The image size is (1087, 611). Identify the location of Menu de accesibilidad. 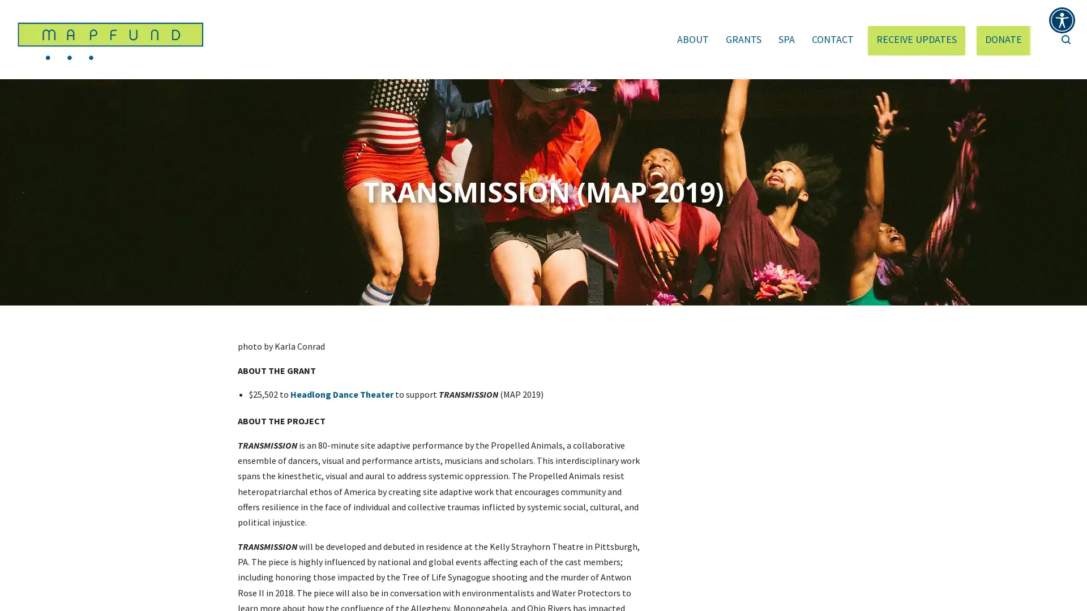
(1062, 20).